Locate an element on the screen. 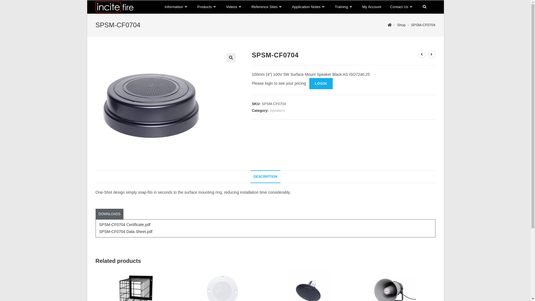  'LOGIN' is located at coordinates (321, 84).